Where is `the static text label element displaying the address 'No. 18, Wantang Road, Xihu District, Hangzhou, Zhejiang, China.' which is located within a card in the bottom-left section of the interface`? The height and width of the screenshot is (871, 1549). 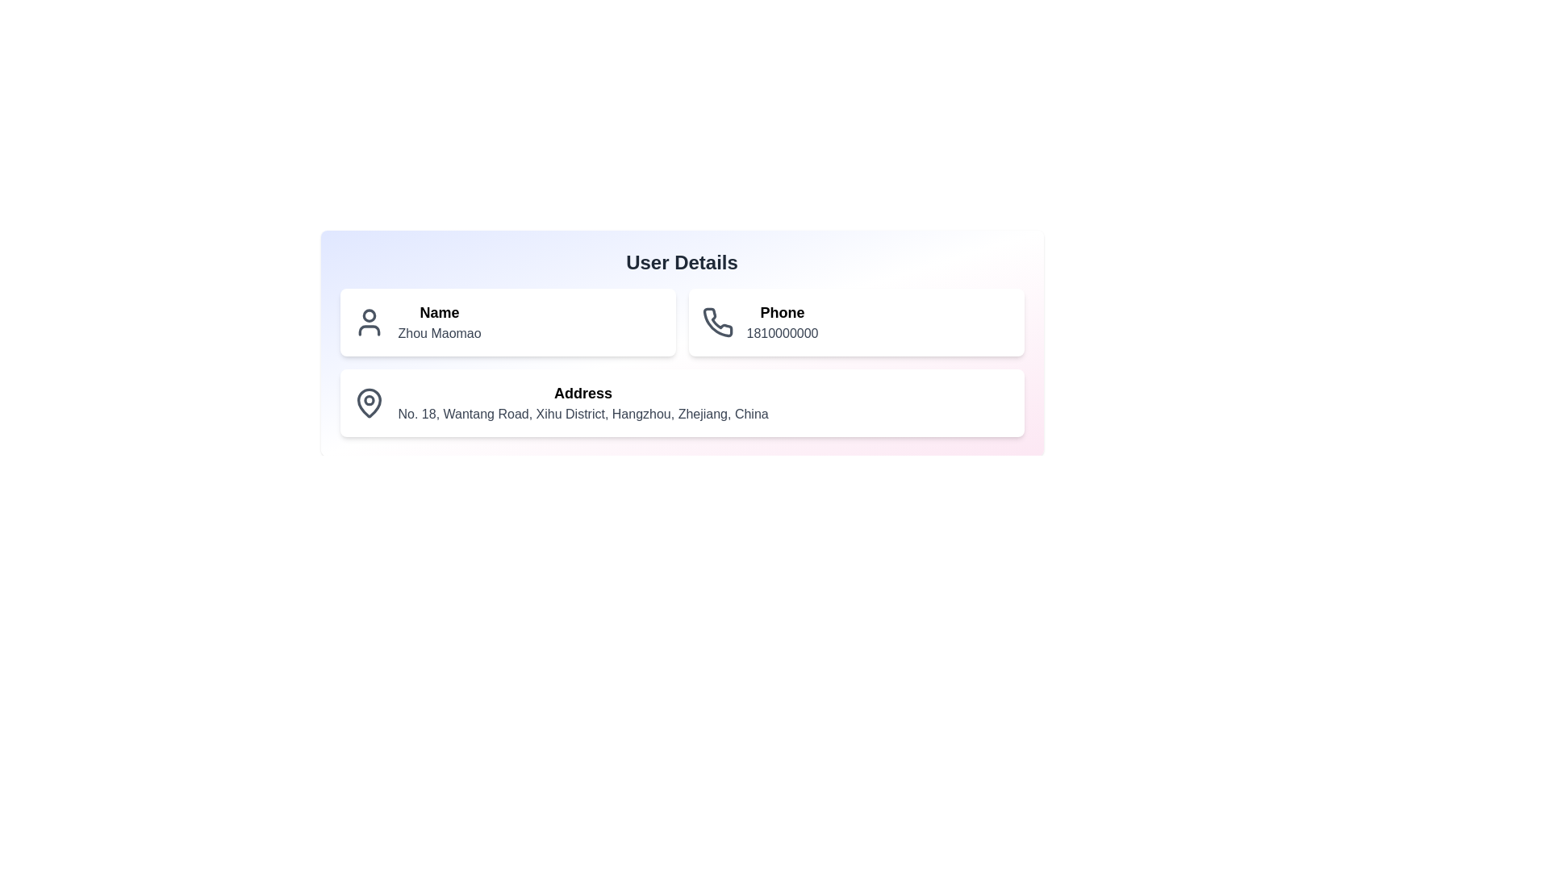 the static text label element displaying the address 'No. 18, Wantang Road, Xihu District, Hangzhou, Zhejiang, China.' which is located within a card in the bottom-left section of the interface is located at coordinates (582, 402).